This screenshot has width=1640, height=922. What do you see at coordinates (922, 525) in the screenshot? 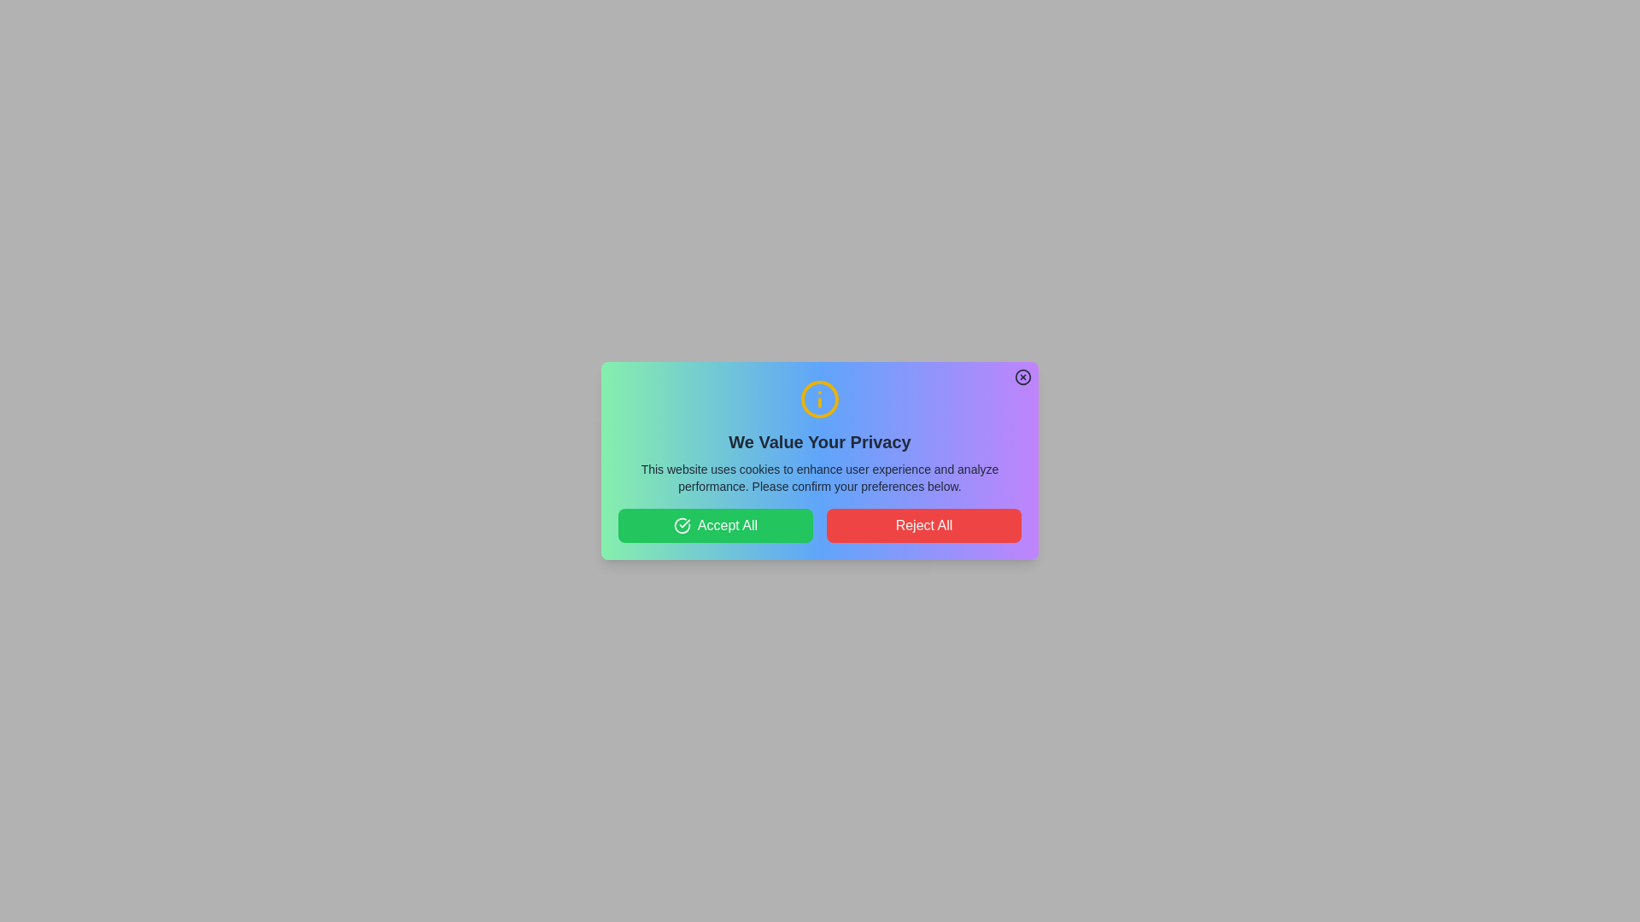
I see `the 'Reject All' button to reject all cookies` at bounding box center [922, 525].